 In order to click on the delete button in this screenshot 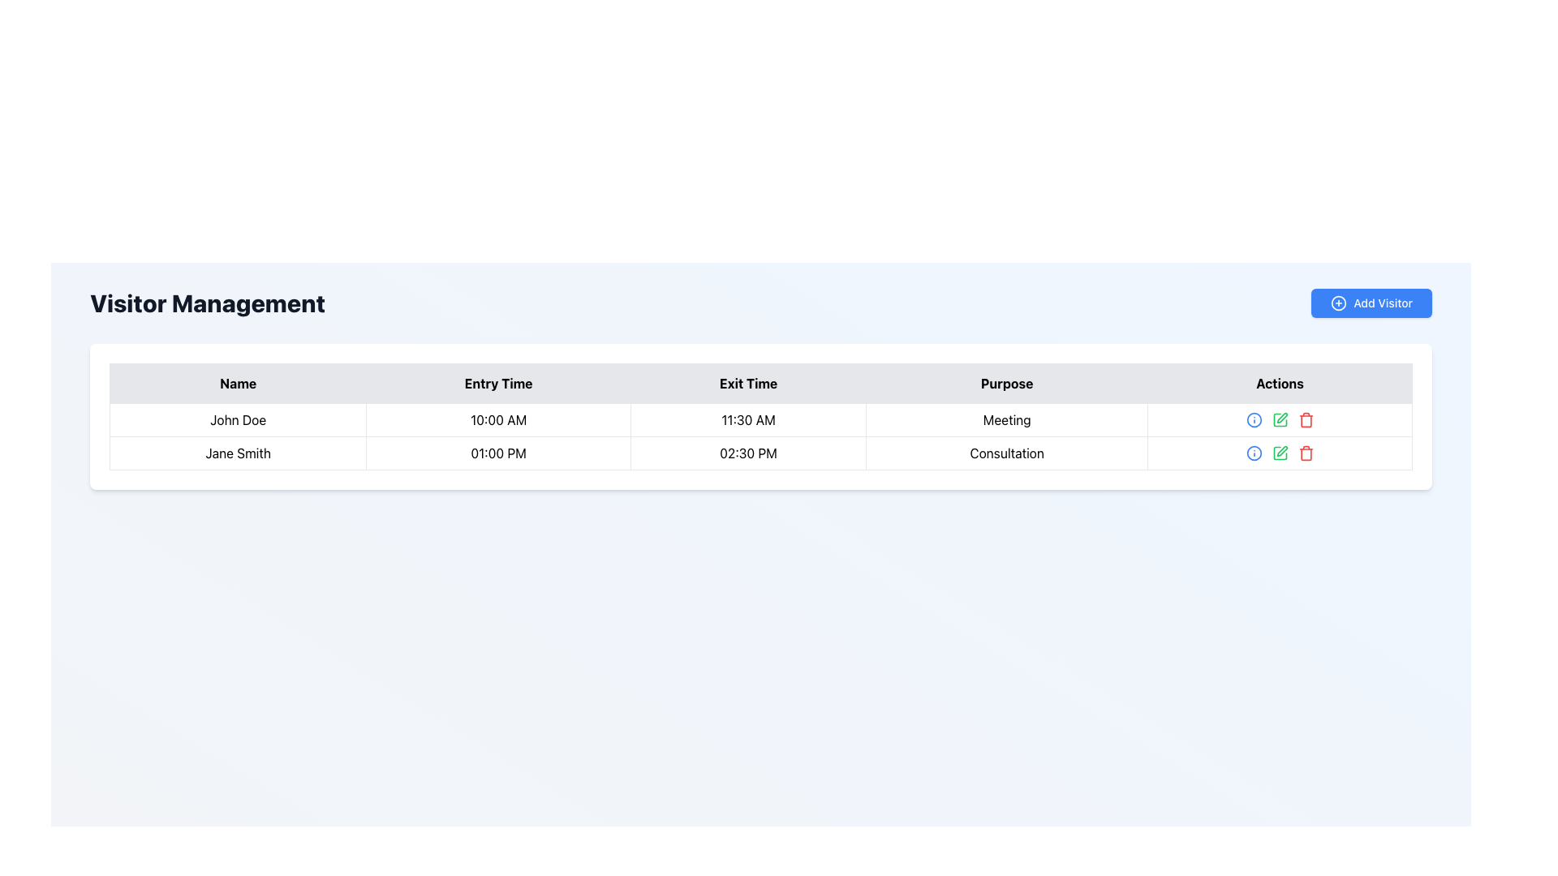, I will do `click(1279, 419)`.